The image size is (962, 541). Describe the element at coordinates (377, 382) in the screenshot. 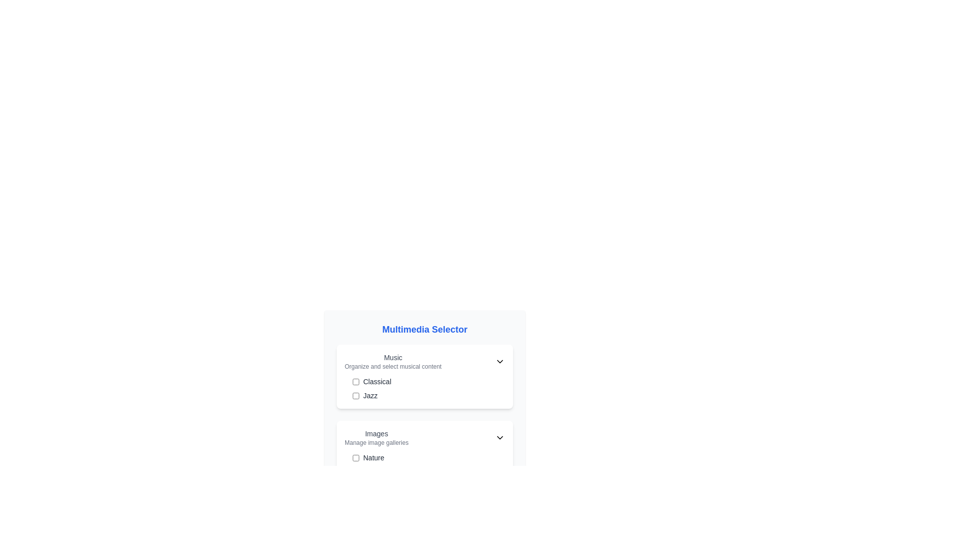

I see `the text label displaying 'Classical', styled in gray, which is positioned next to a checkbox within the Music section of the multimedia selection panel` at that location.